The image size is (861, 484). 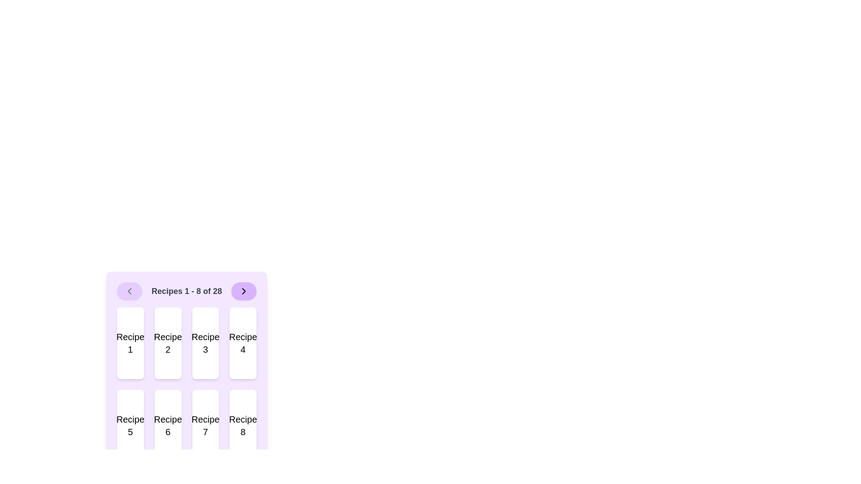 What do you see at coordinates (129, 291) in the screenshot?
I see `the left-pointing chevron icon button with a light purple background located at the top-left corner of the navigation bar` at bounding box center [129, 291].